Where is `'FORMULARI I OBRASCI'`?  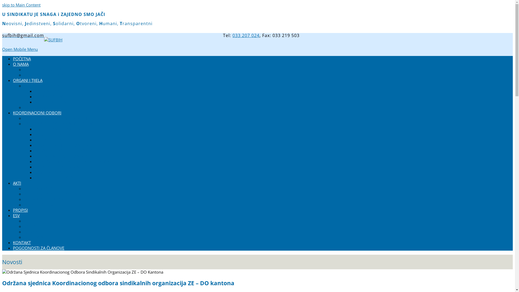 'FORMULARI I OBRASCI' is located at coordinates (23, 199).